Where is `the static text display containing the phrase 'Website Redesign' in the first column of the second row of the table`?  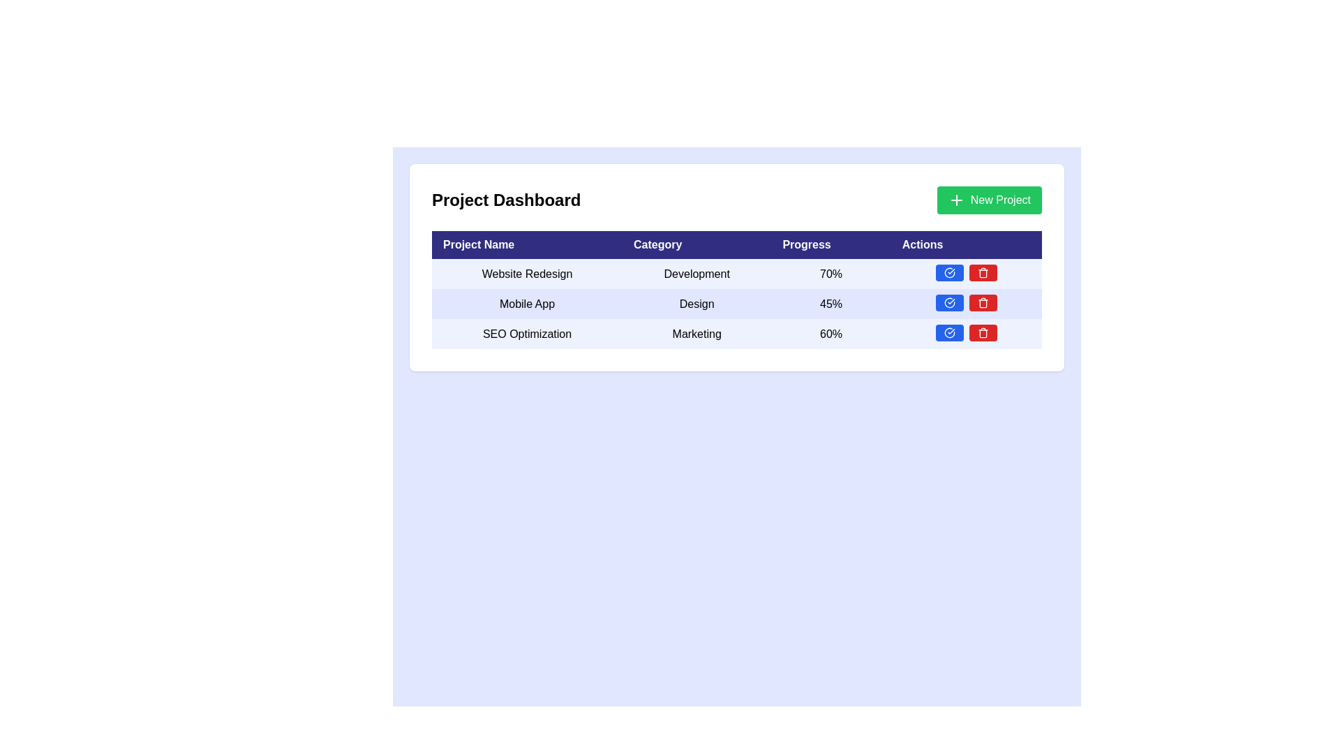
the static text display containing the phrase 'Website Redesign' in the first column of the second row of the table is located at coordinates (526, 274).